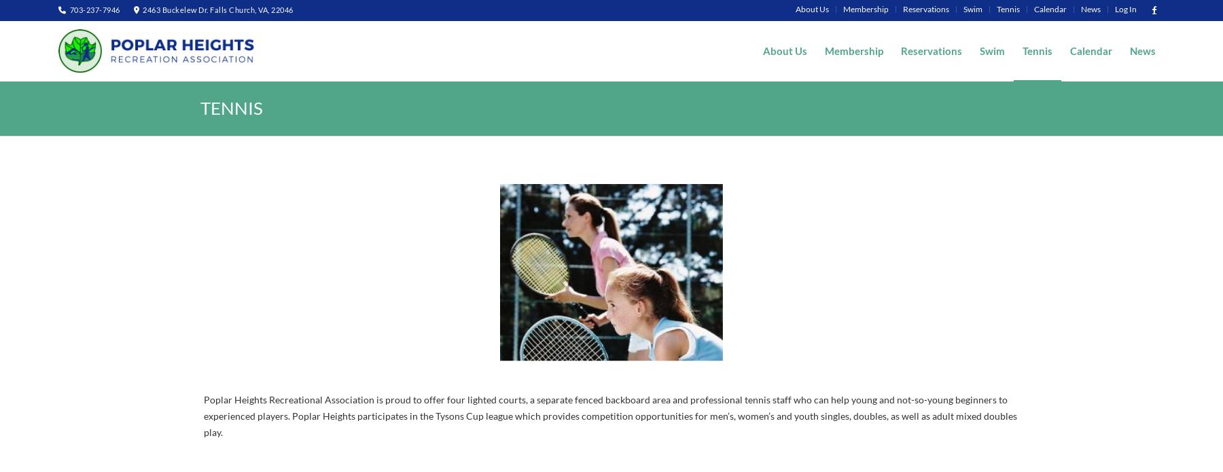 This screenshot has height=472, width=1223. What do you see at coordinates (217, 10) in the screenshot?
I see `'2463 Buckelew Dr. Falls Church, VA, 22046'` at bounding box center [217, 10].